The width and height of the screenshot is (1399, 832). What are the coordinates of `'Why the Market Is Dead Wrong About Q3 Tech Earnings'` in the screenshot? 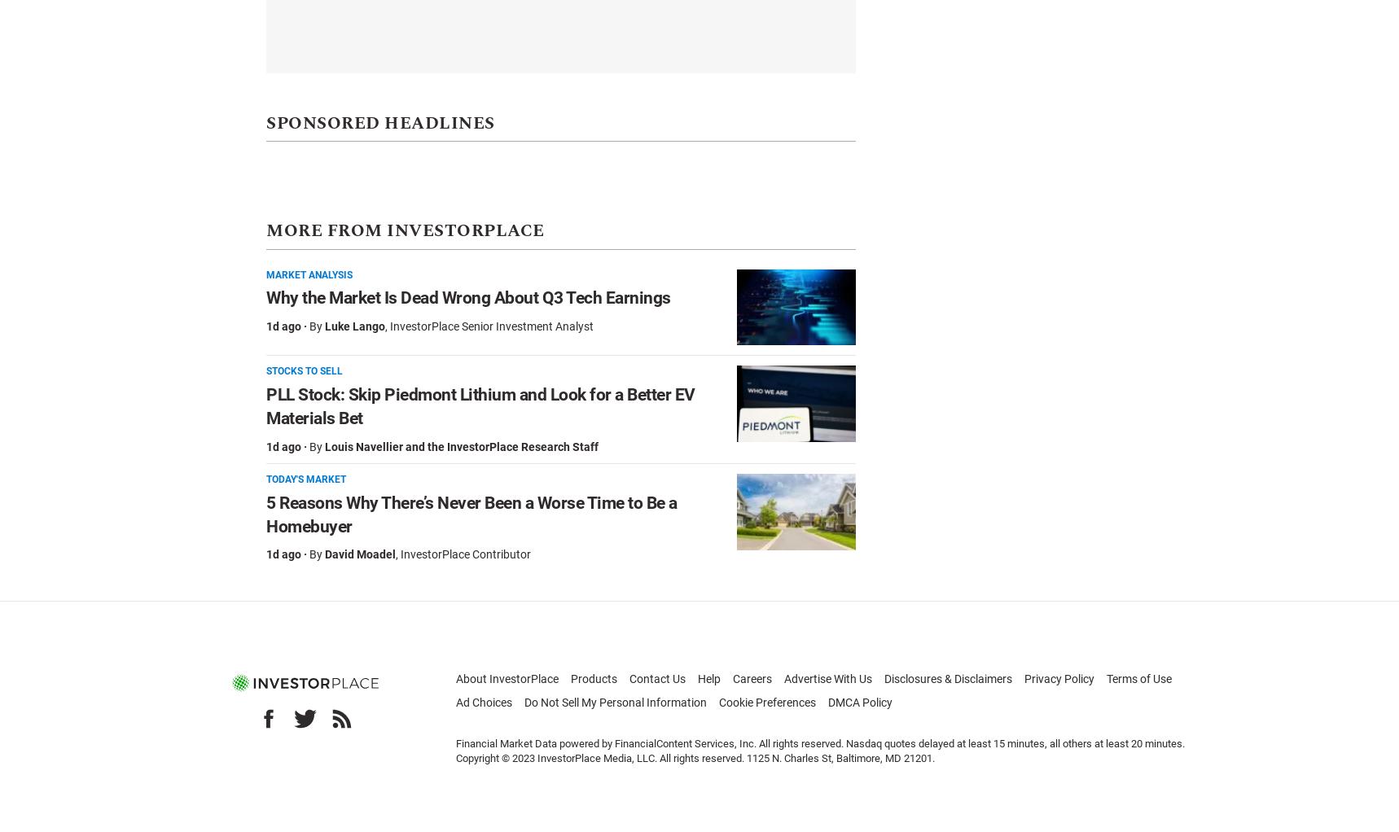 It's located at (467, 297).